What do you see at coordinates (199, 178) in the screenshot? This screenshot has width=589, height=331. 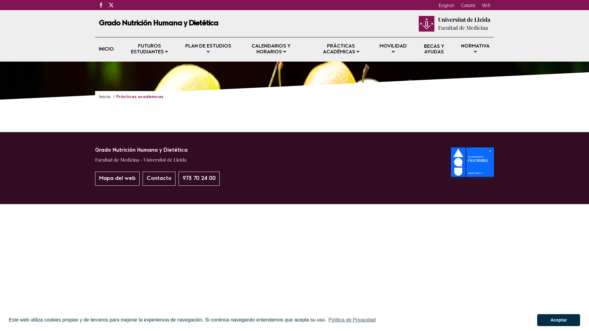 I see `'973 70 24 00'` at bounding box center [199, 178].